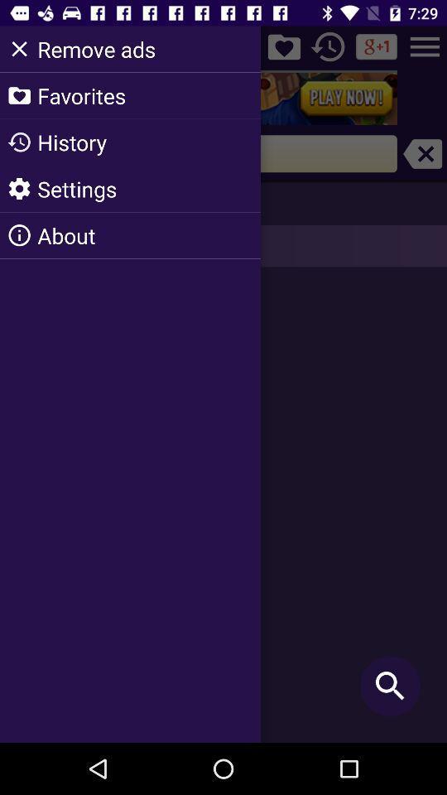  What do you see at coordinates (329, 46) in the screenshot?
I see `the icon just below to bluetooth icon` at bounding box center [329, 46].